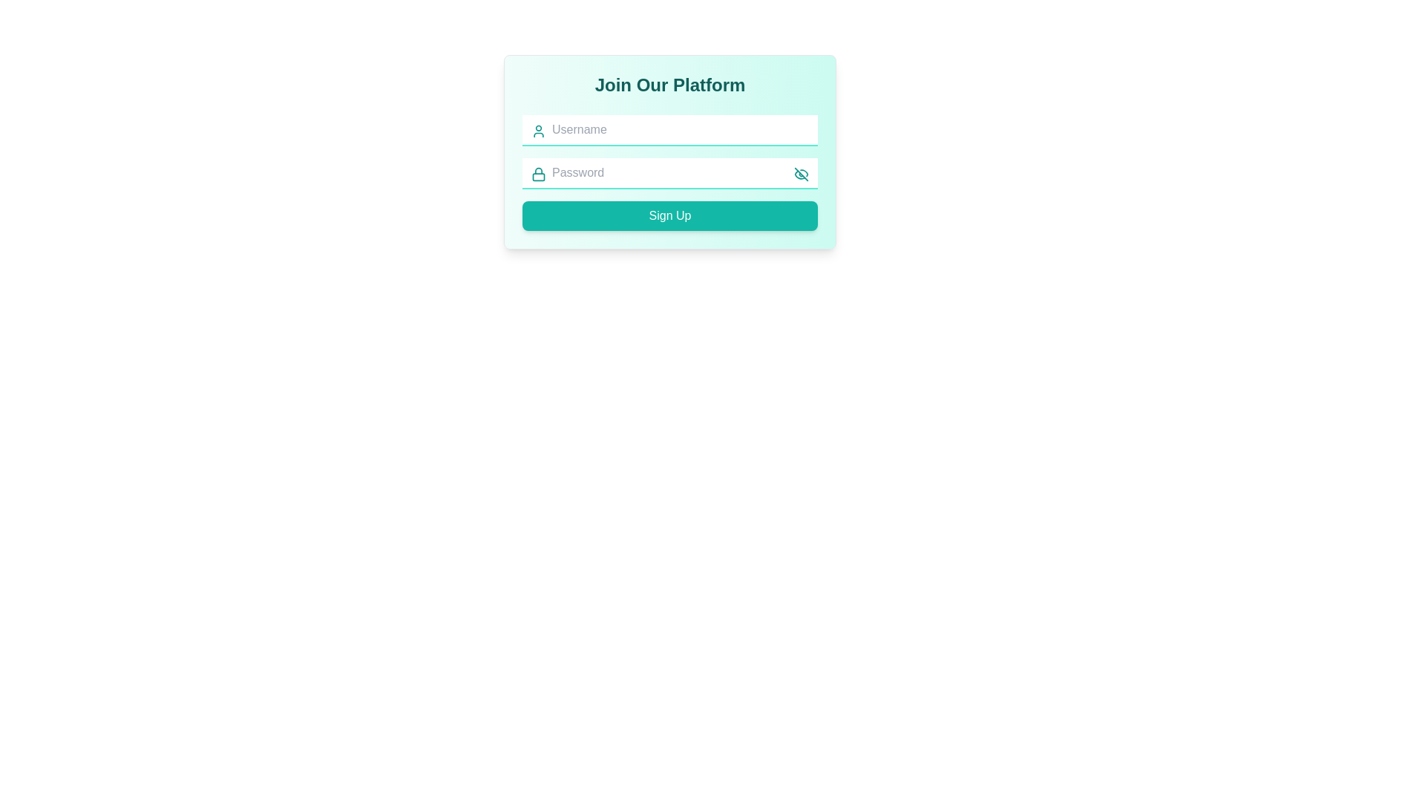  I want to click on the button located in the top-right corner of the password input field, so click(801, 174).